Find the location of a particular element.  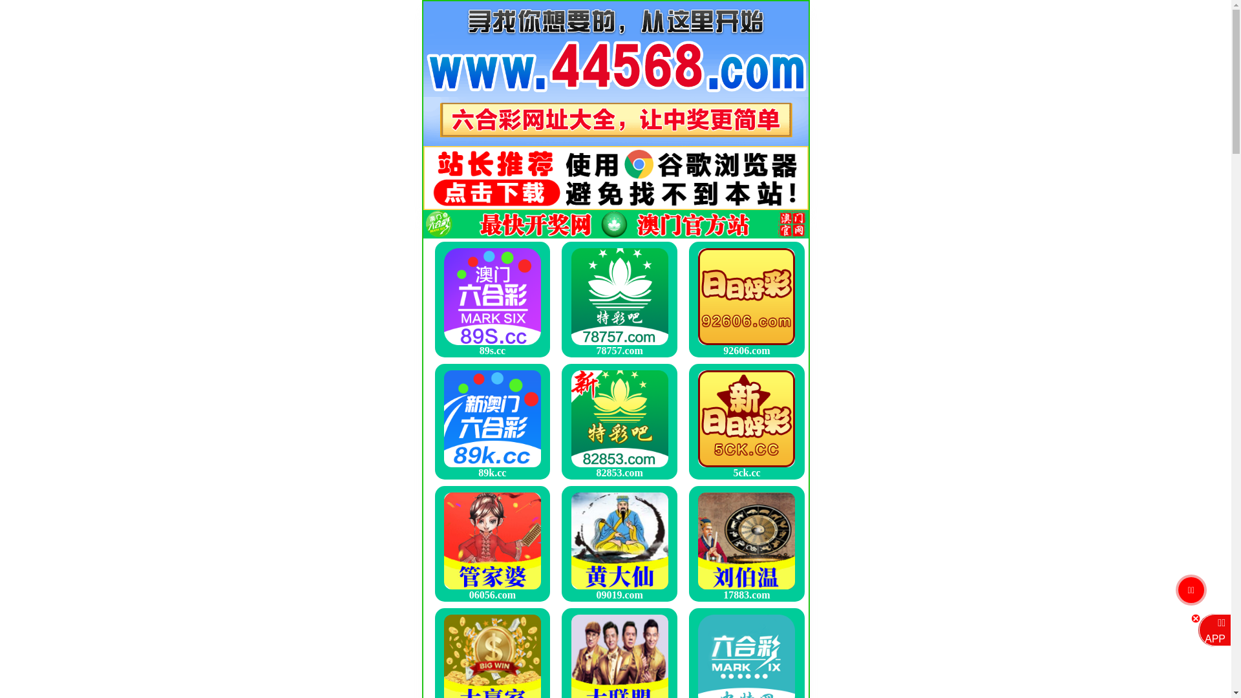

'92606.com' is located at coordinates (747, 299).